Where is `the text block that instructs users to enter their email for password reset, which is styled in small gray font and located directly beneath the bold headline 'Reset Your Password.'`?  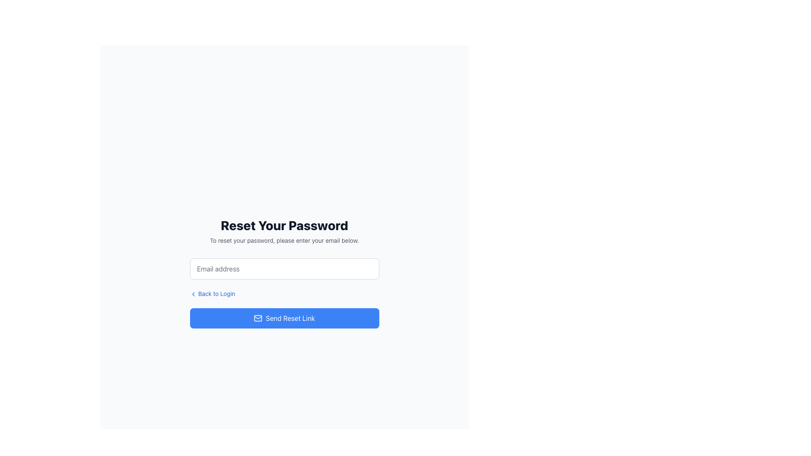 the text block that instructs users to enter their email for password reset, which is styled in small gray font and located directly beneath the bold headline 'Reset Your Password.' is located at coordinates (284, 241).